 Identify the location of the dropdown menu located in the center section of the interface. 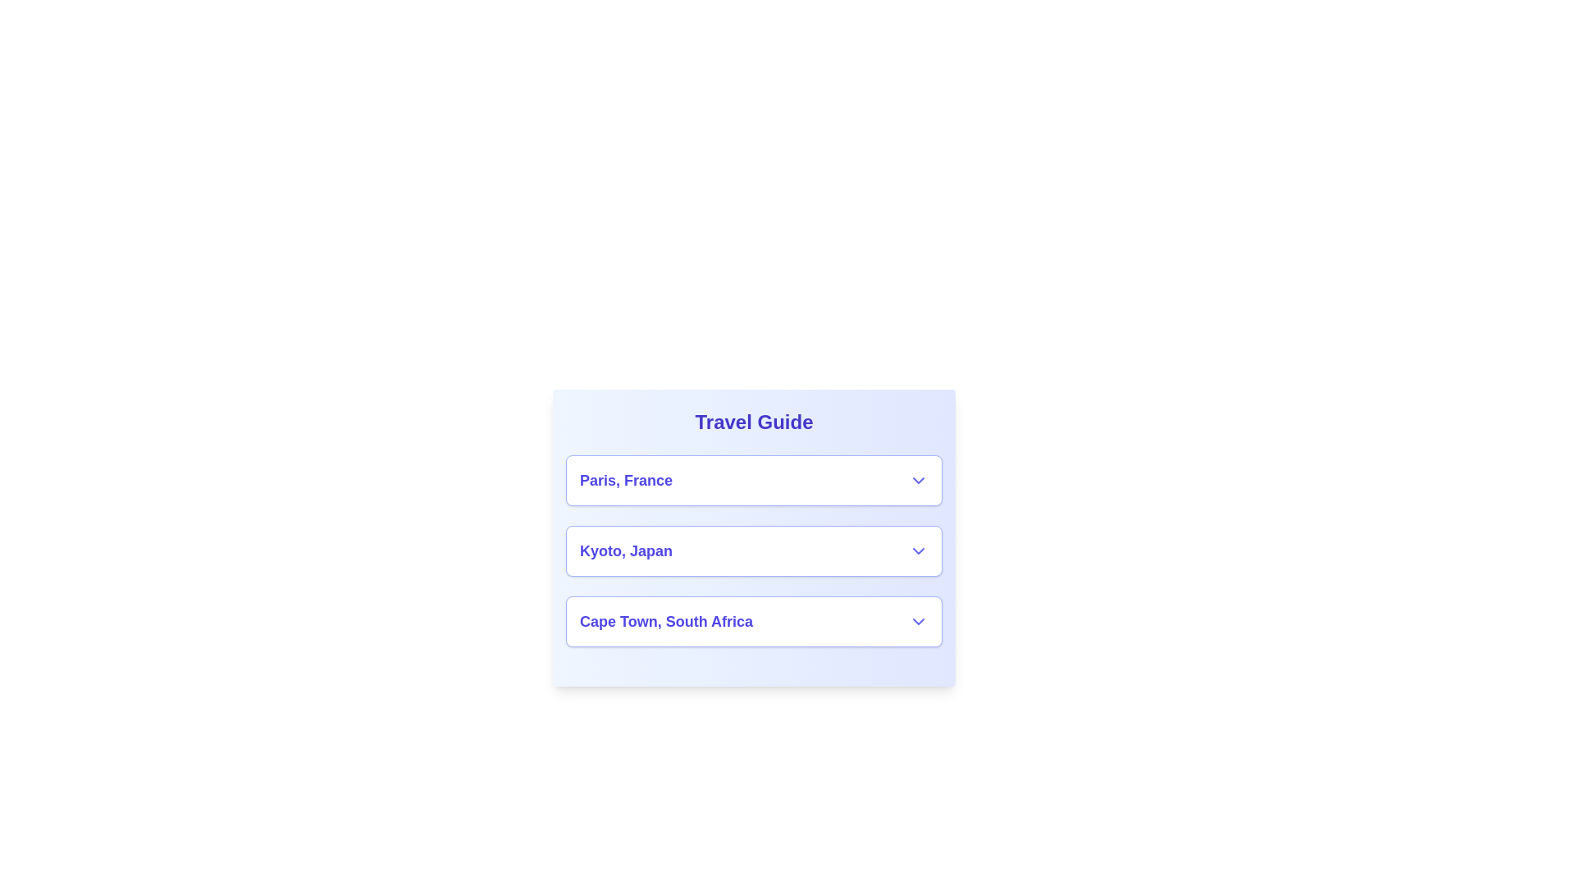
(753, 550).